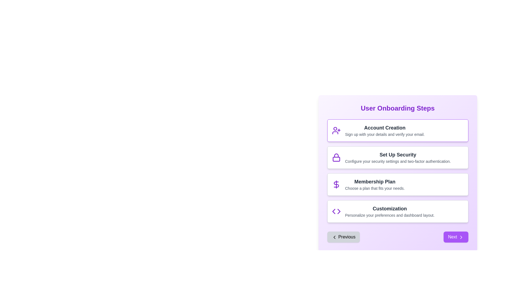 The height and width of the screenshot is (297, 529). I want to click on the 'Set Up Security' title in the User Onboarding Steps section, which is a non-interactive label indicating a step in the onboarding process, so click(398, 155).